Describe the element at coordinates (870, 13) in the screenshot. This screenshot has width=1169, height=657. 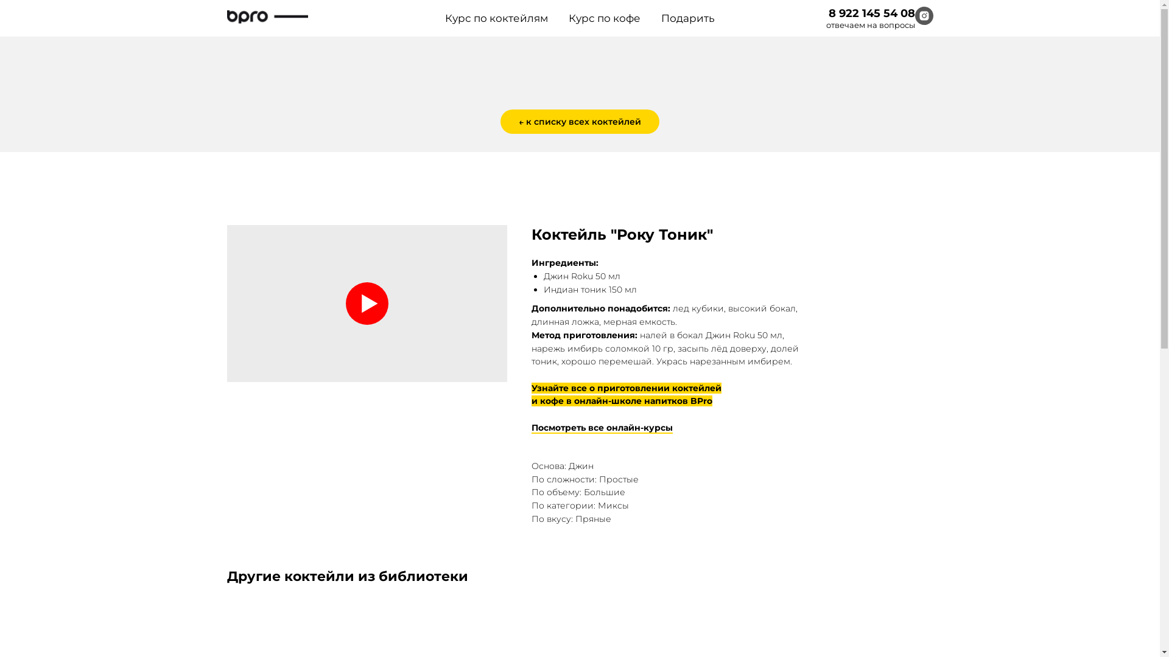
I see `'8 922 145 54 08'` at that location.